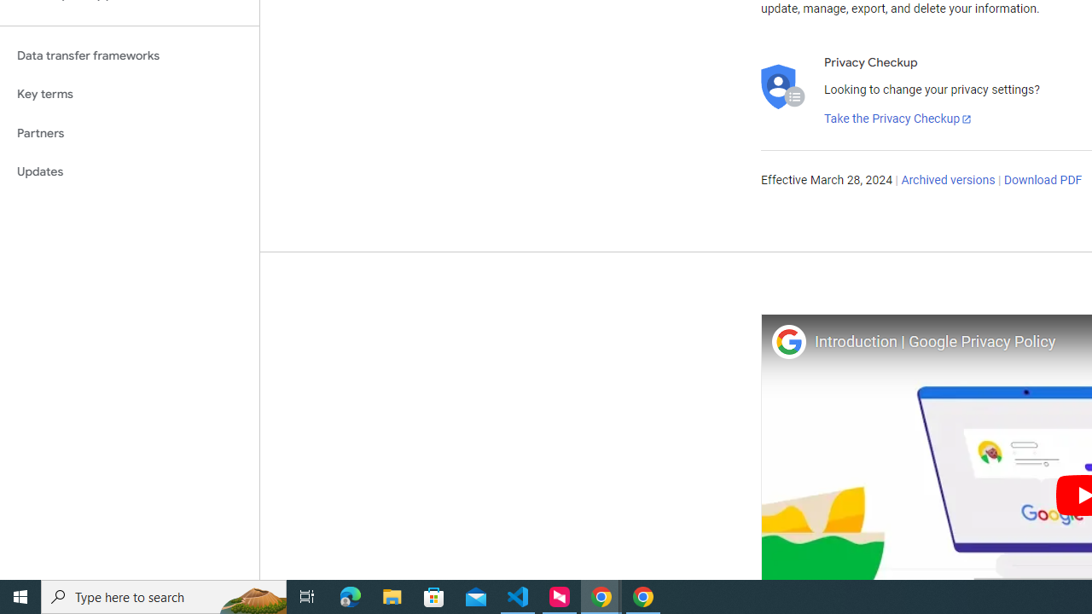 The width and height of the screenshot is (1092, 614). Describe the element at coordinates (947, 181) in the screenshot. I see `'Archived versions'` at that location.